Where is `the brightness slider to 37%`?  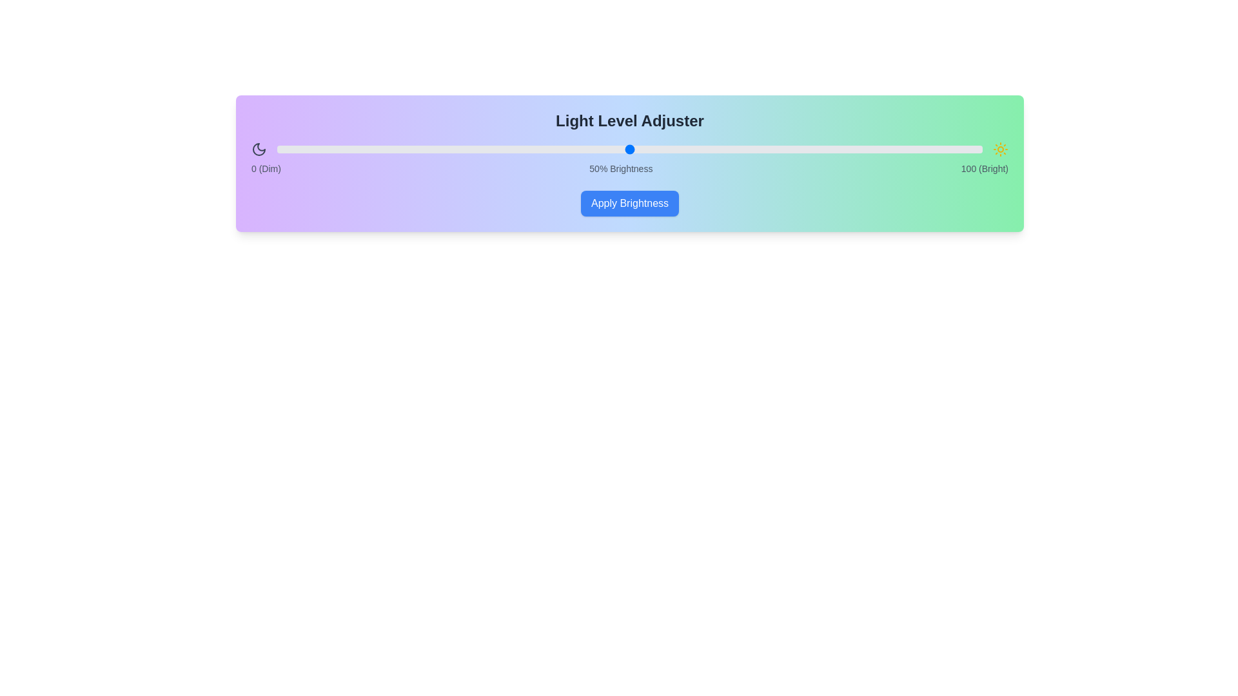 the brightness slider to 37% is located at coordinates (538, 148).